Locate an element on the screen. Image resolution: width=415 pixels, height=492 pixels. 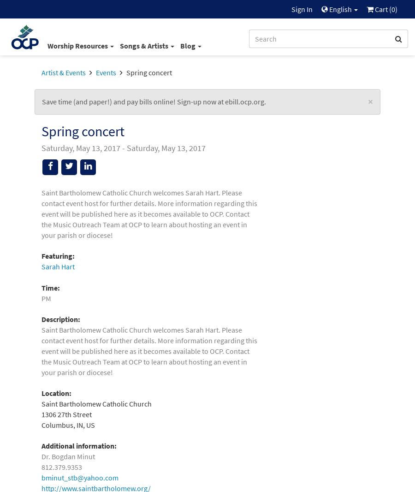
'Featuring:' is located at coordinates (41, 256).